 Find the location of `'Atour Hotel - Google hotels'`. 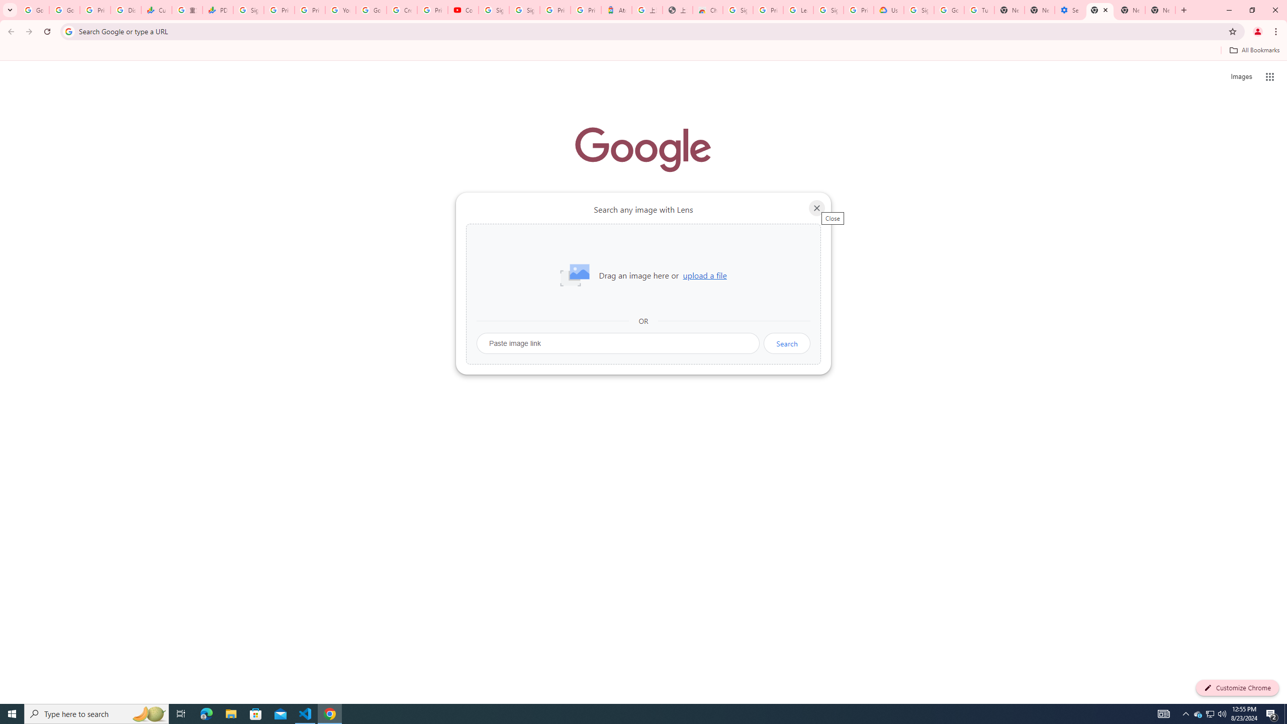

'Atour Hotel - Google hotels' is located at coordinates (617, 10).